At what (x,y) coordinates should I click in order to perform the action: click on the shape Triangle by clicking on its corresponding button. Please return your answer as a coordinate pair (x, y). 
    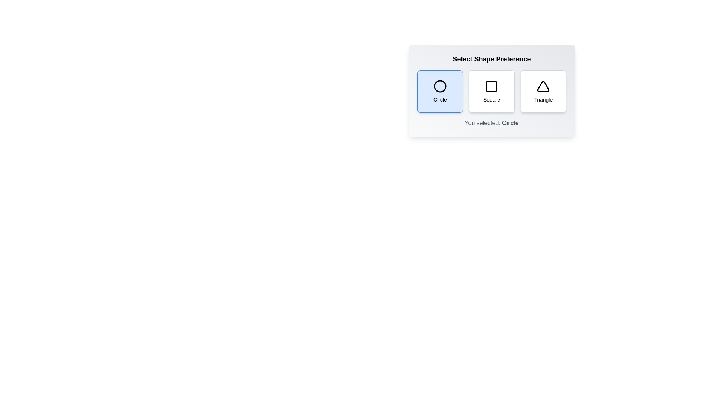
    Looking at the image, I should click on (543, 91).